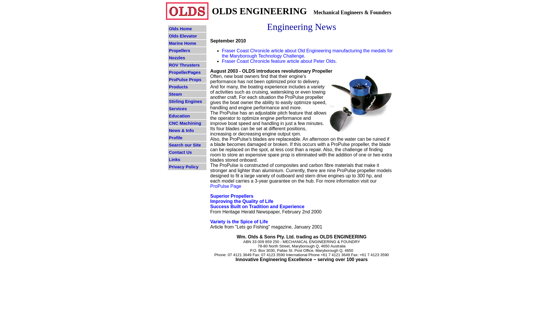 The height and width of the screenshot is (314, 559). I want to click on 'Education', so click(187, 116).